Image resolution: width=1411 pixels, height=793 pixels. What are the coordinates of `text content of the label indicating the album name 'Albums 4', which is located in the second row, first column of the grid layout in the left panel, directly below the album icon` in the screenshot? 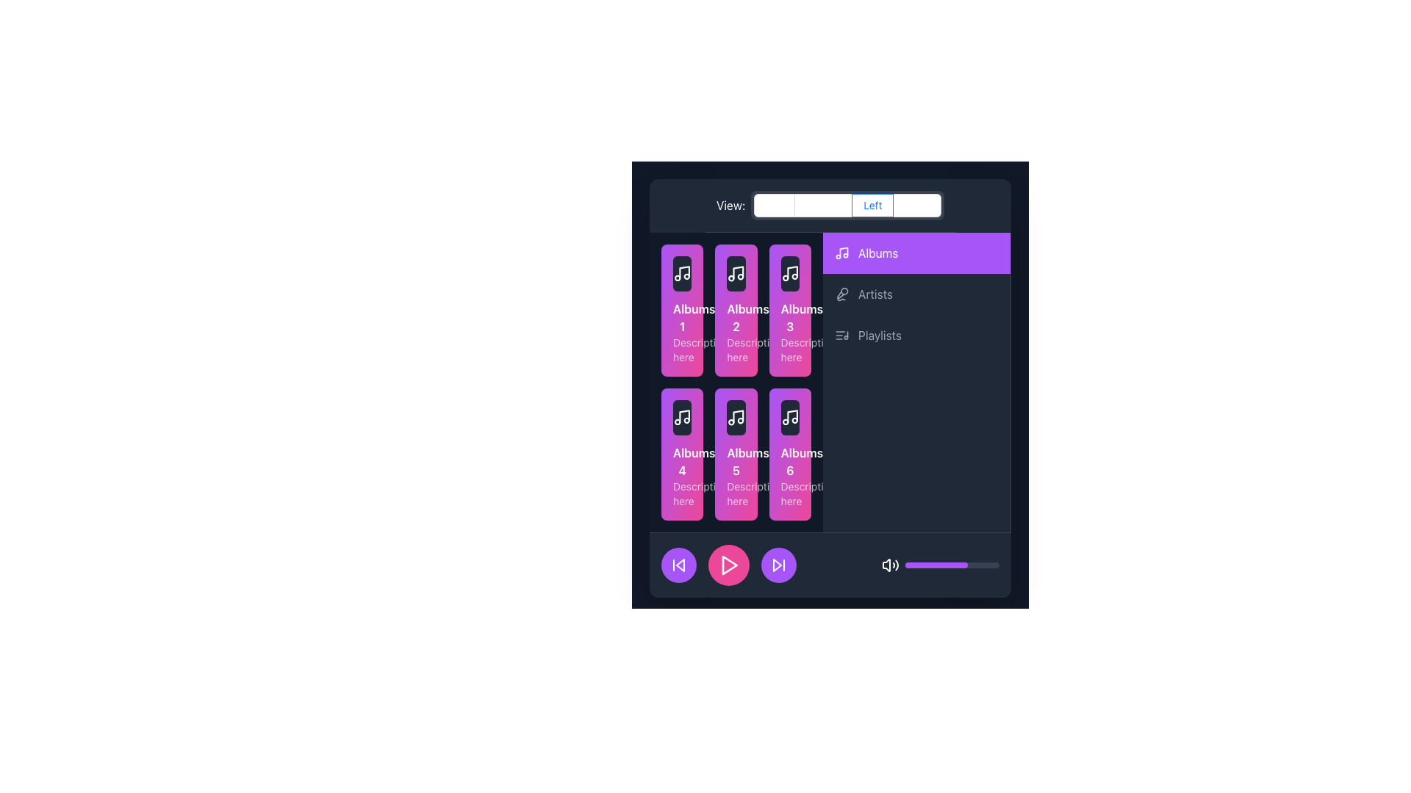 It's located at (681, 460).